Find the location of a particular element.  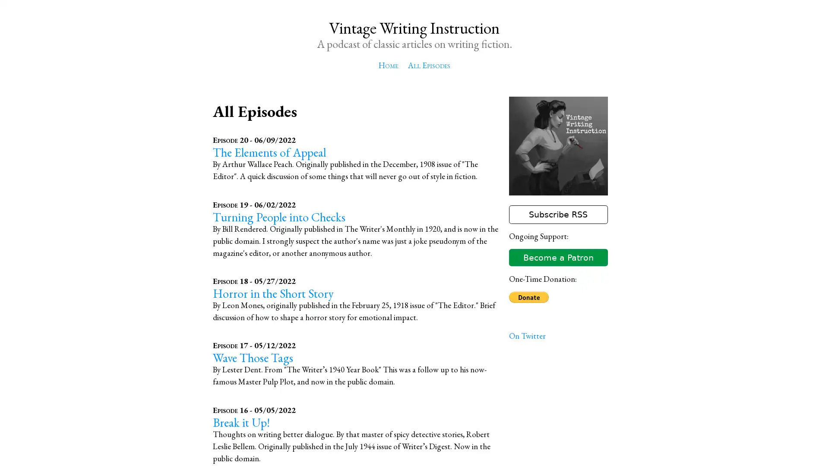

Donate with PayPal button is located at coordinates (528, 297).